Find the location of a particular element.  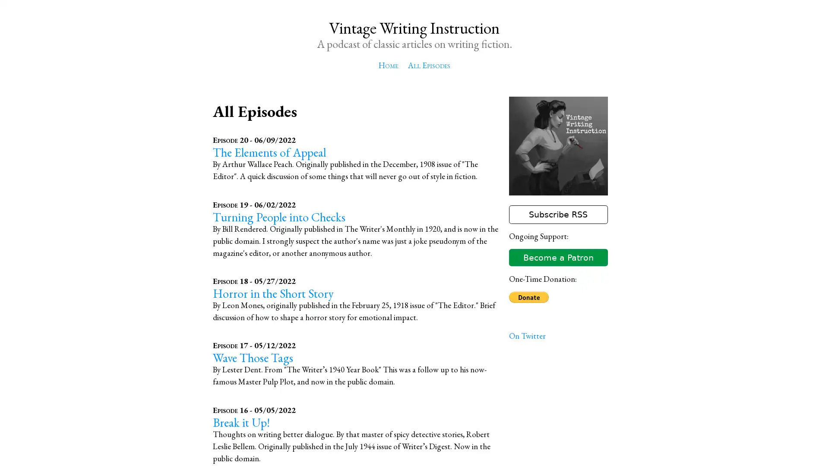

Donate with PayPal button is located at coordinates (528, 297).